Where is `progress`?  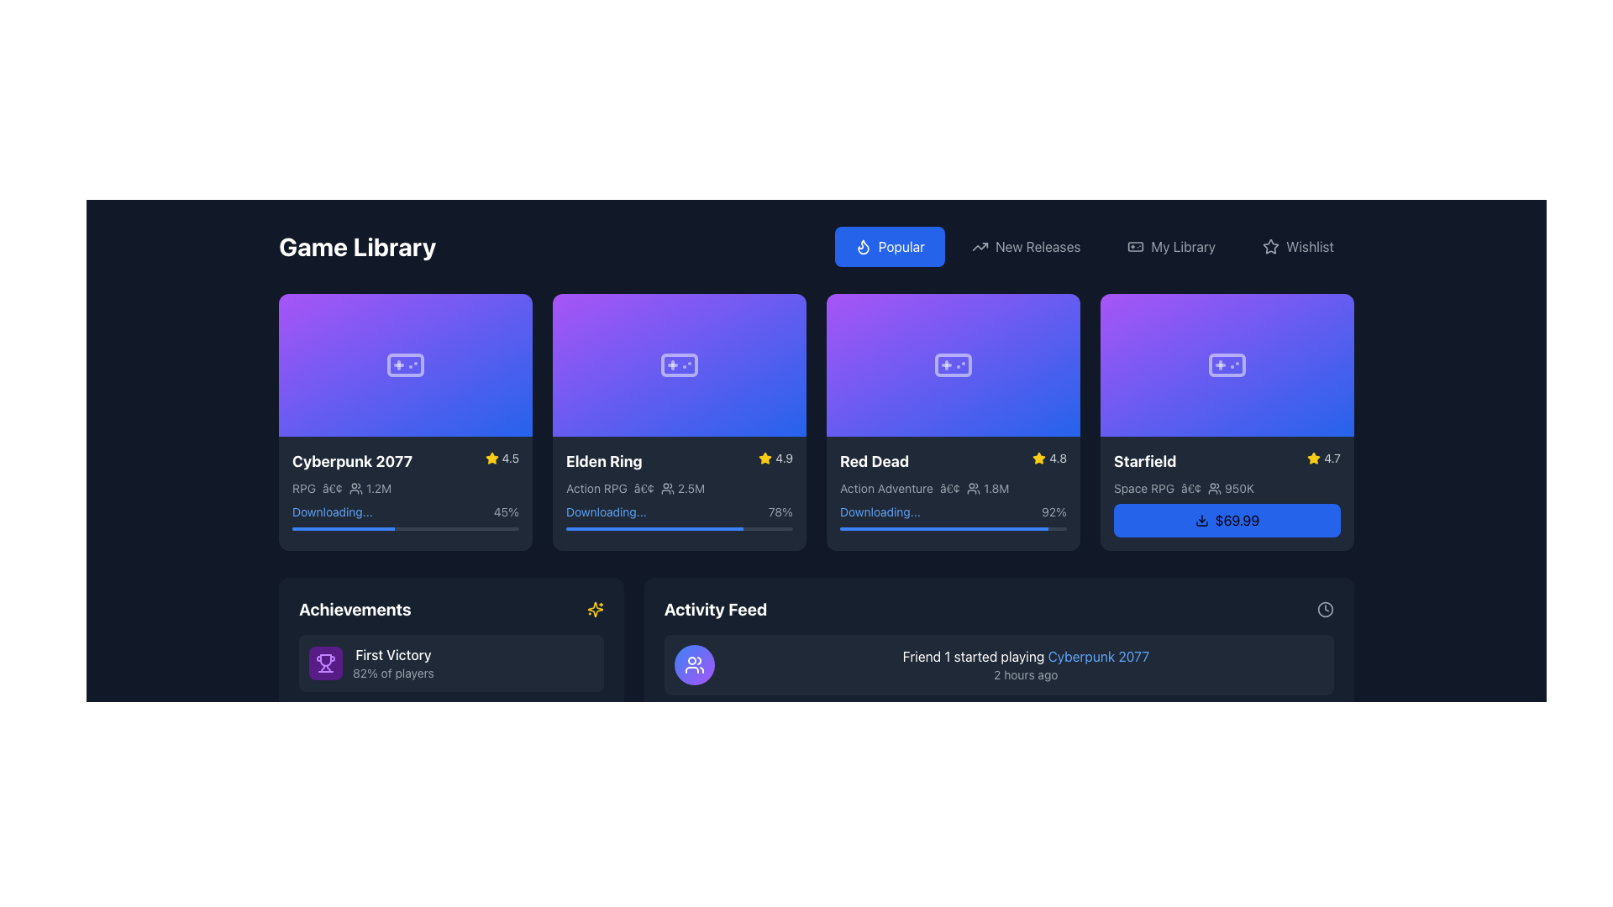 progress is located at coordinates (390, 364).